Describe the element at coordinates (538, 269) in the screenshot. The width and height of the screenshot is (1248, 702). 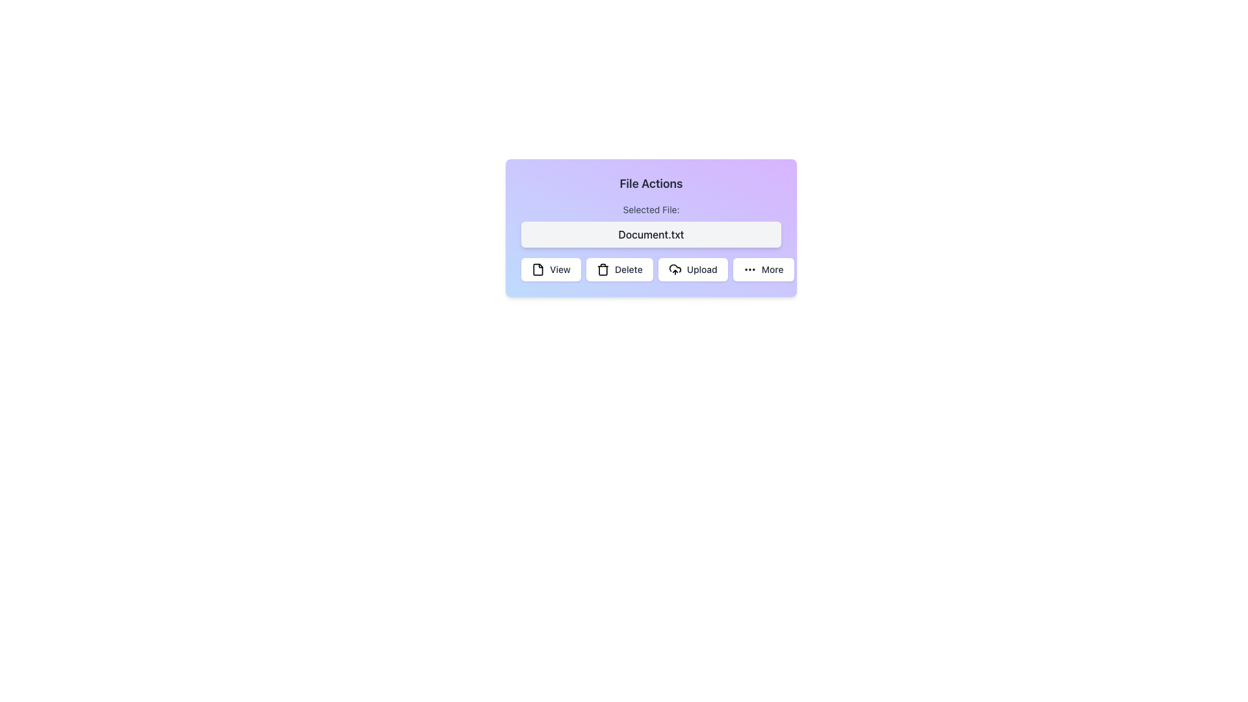
I see `the file icon, which is the first element in a horizontal group of buttons preceding the 'View' text` at that location.